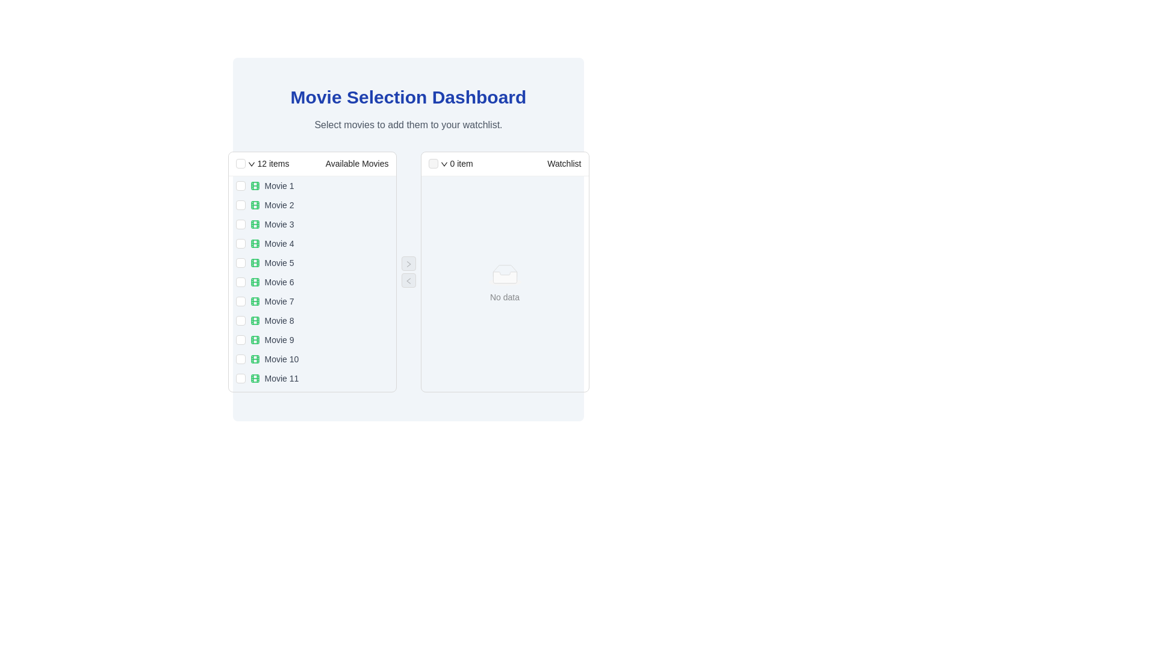 Image resolution: width=1156 pixels, height=650 pixels. I want to click on the icon located in the header of the right-side column labeled 'Watchlist', next to the '0 item' text, so click(443, 164).